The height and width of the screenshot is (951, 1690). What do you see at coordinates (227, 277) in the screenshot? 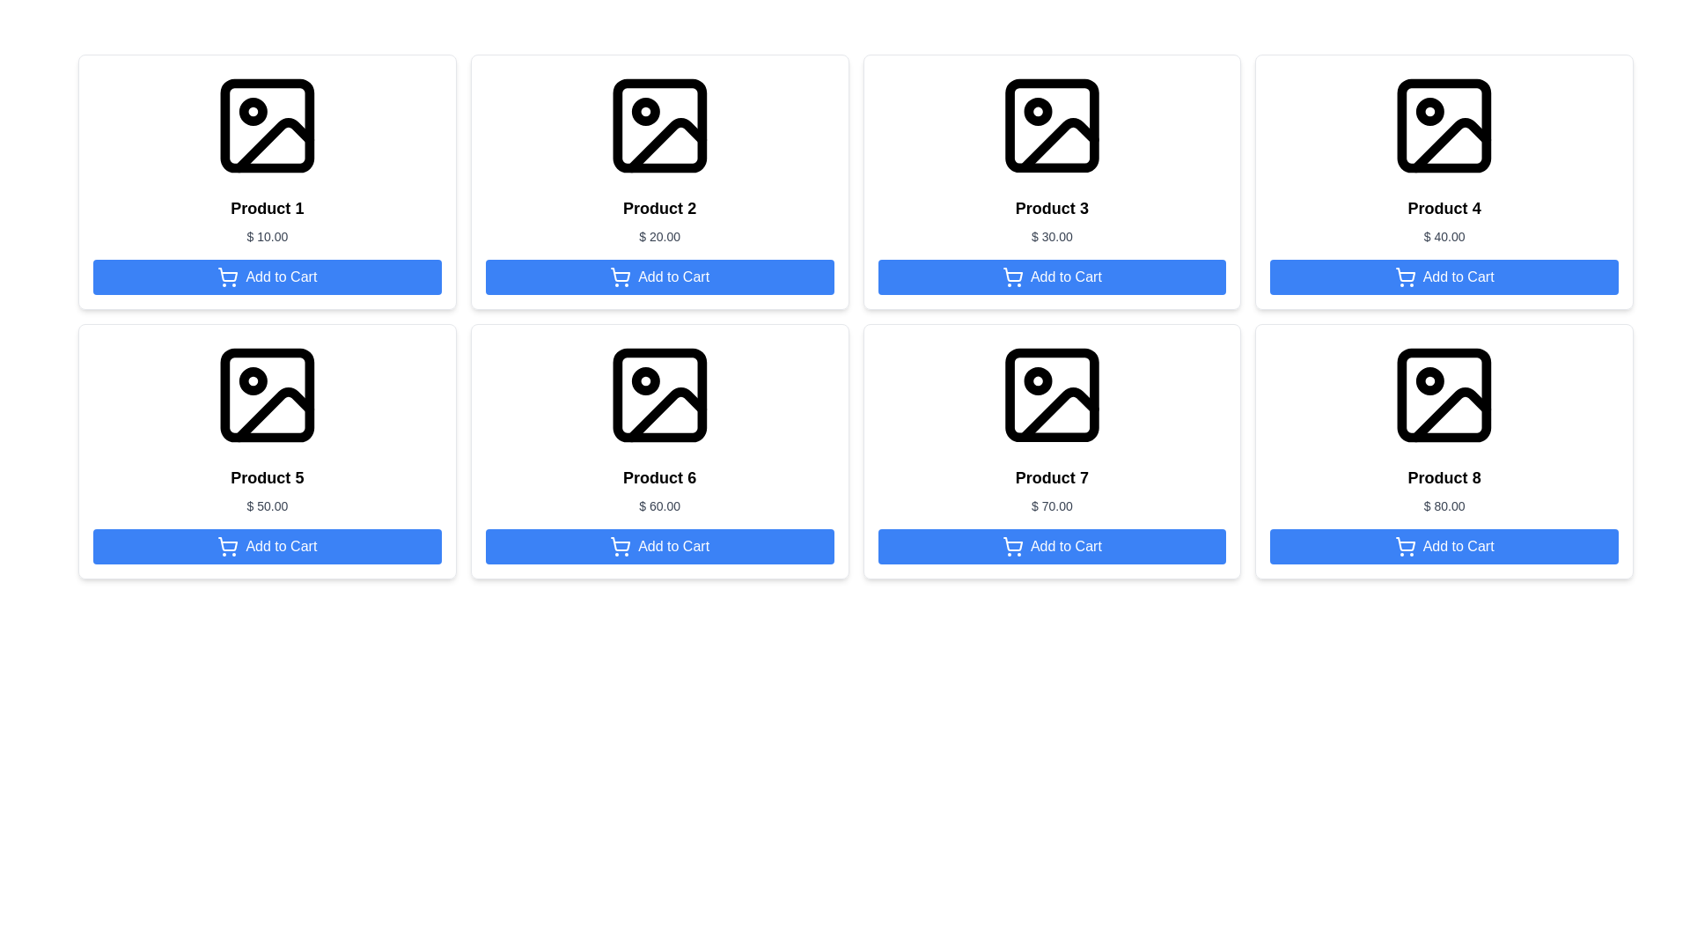
I see `the shopping cart icon located within the 'Add to Cart' button for 'Product 1'` at bounding box center [227, 277].